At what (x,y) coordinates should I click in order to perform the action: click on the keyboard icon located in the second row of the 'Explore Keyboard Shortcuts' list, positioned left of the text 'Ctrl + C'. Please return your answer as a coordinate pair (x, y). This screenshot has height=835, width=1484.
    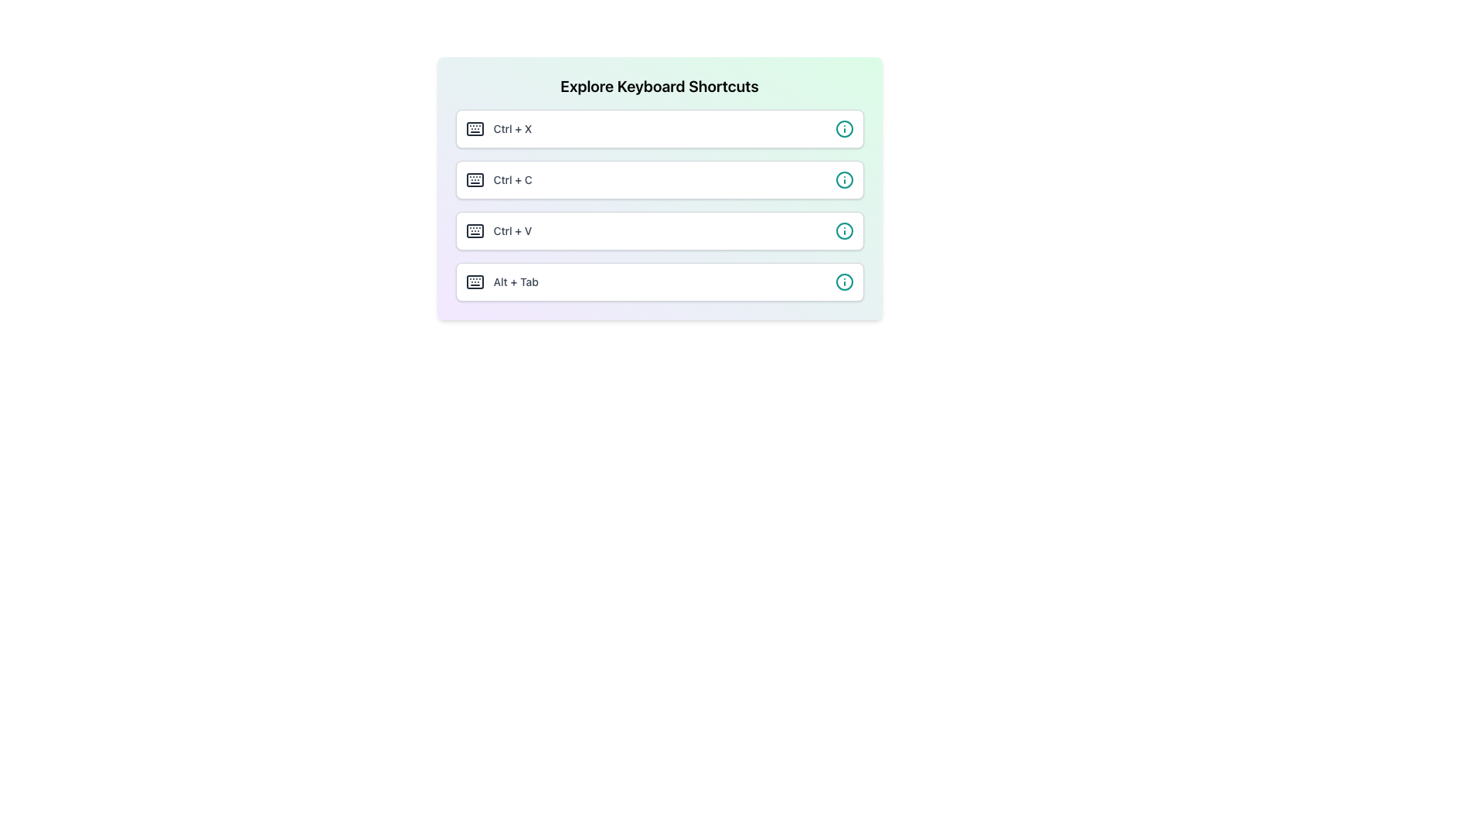
    Looking at the image, I should click on (474, 179).